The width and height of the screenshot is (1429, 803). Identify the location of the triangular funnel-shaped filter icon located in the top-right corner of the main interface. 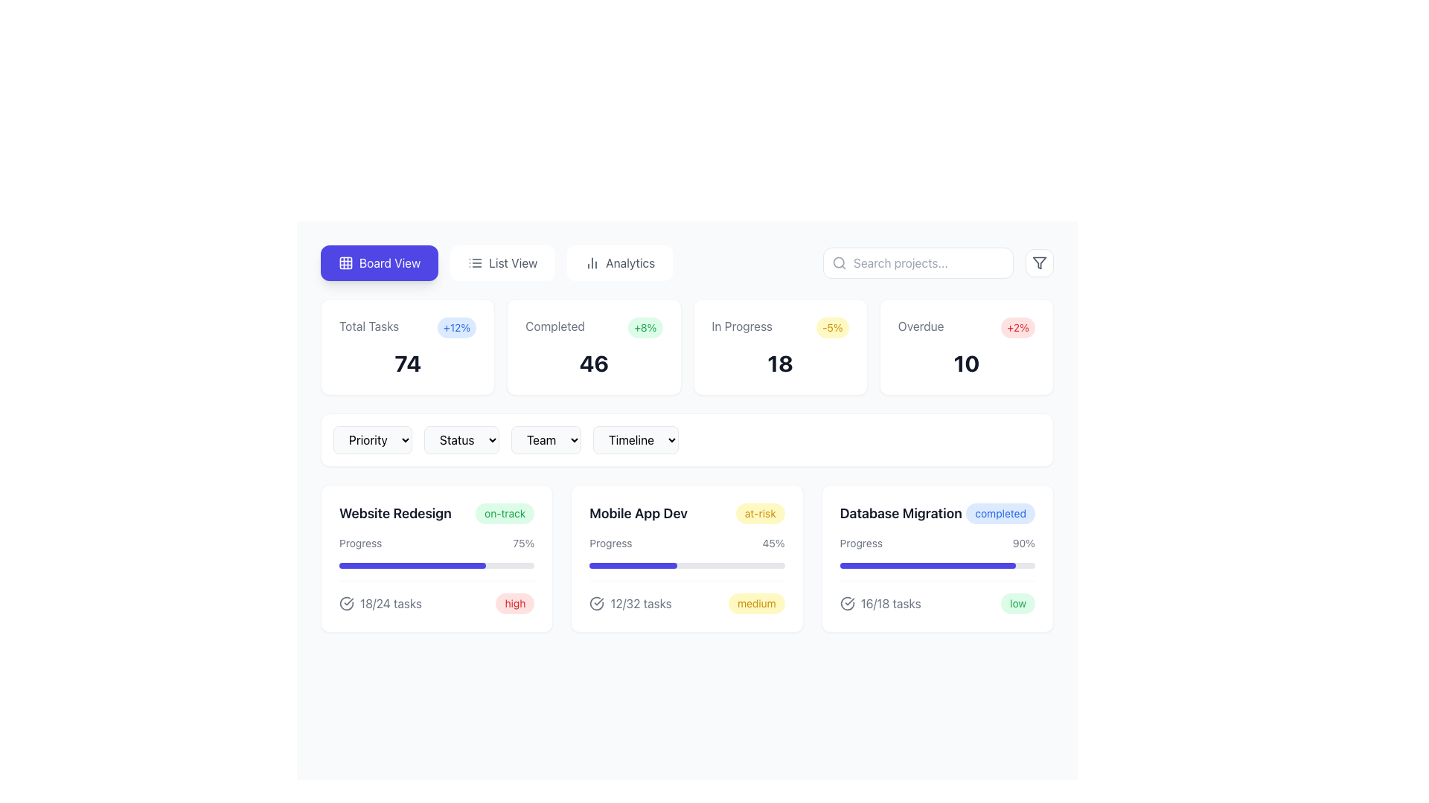
(1038, 262).